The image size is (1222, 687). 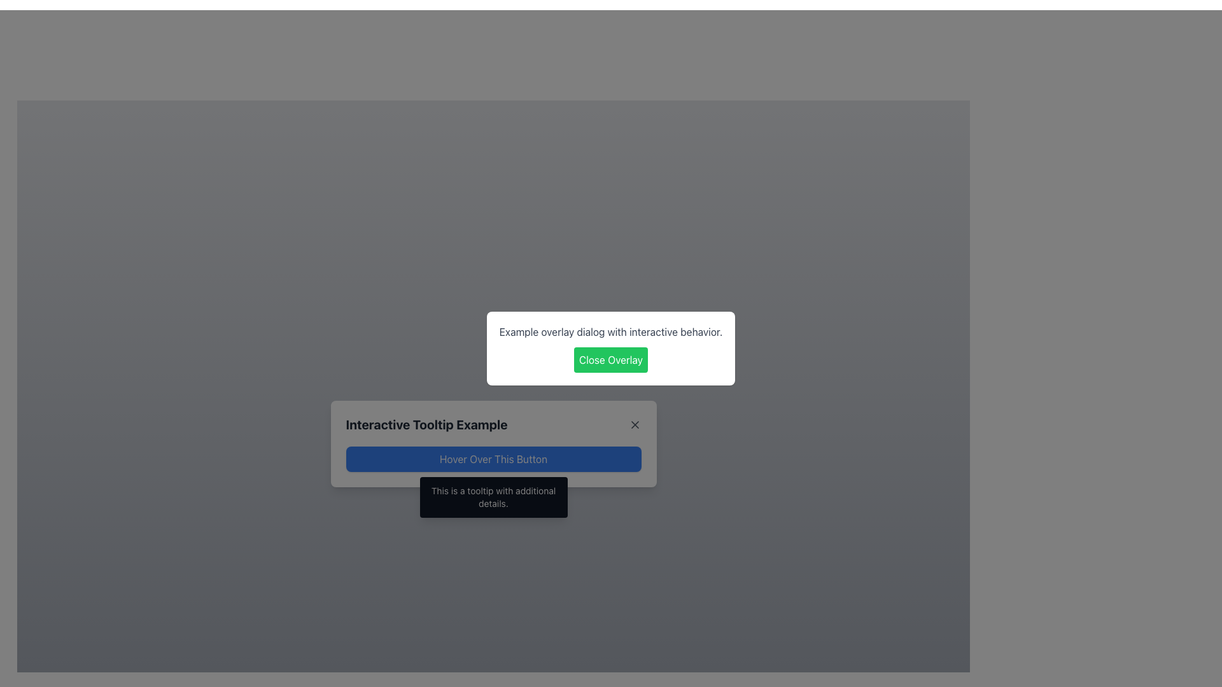 I want to click on message displayed in the tooltip with dark-gray background and white text that says 'This is a tooltip with additional details.', so click(x=493, y=497).